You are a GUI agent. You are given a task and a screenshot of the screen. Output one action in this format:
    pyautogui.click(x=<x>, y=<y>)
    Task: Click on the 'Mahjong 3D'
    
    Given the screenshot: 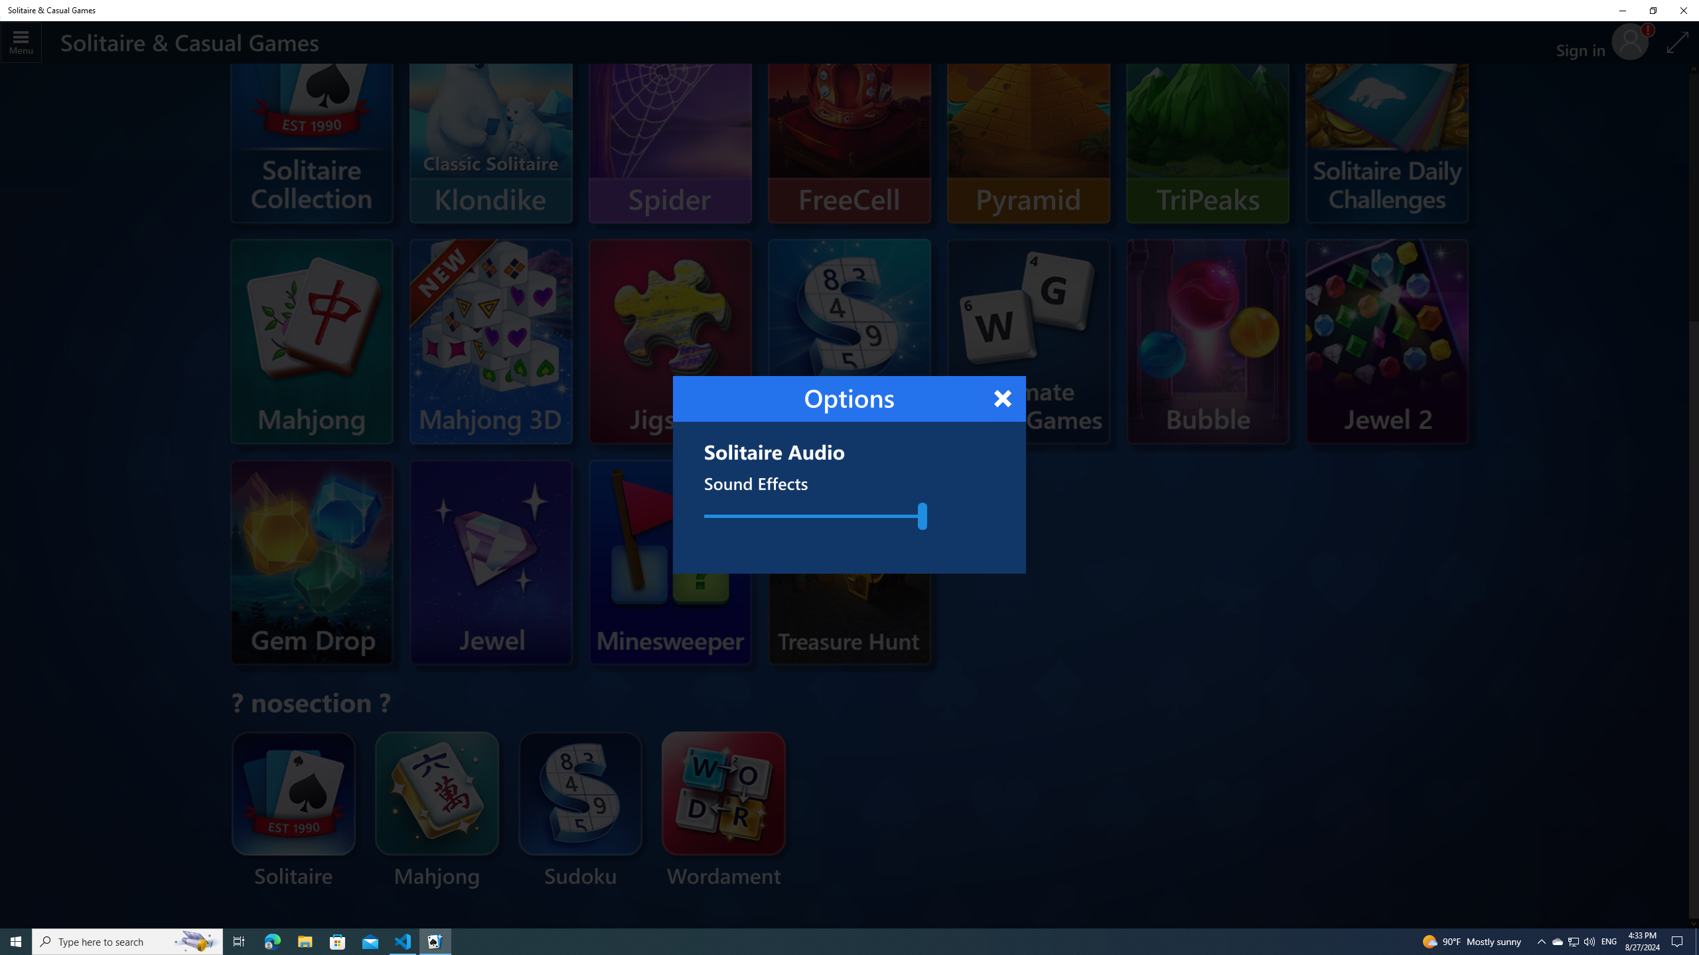 What is the action you would take?
    pyautogui.click(x=490, y=340)
    